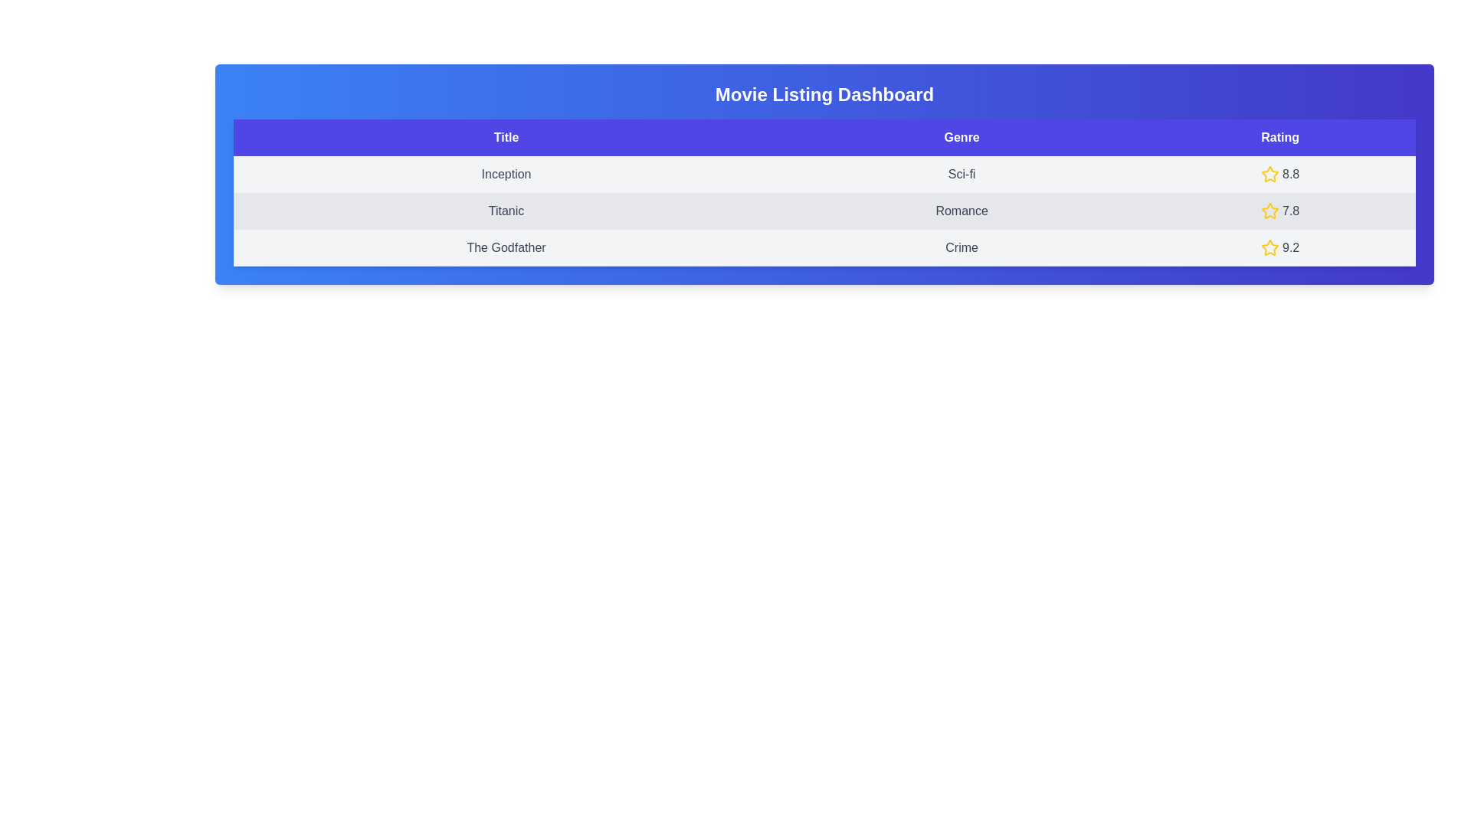 The width and height of the screenshot is (1471, 827). What do you see at coordinates (961, 138) in the screenshot?
I see `the 'Genre' header text element, which is styled with white text on a prominent purple background and is the second item in a row of headers` at bounding box center [961, 138].